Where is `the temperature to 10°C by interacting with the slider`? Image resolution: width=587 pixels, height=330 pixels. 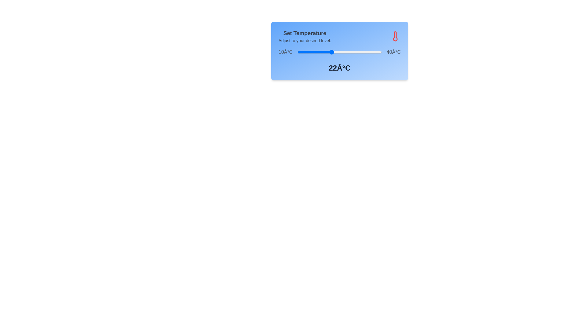 the temperature to 10°C by interacting with the slider is located at coordinates (297, 52).